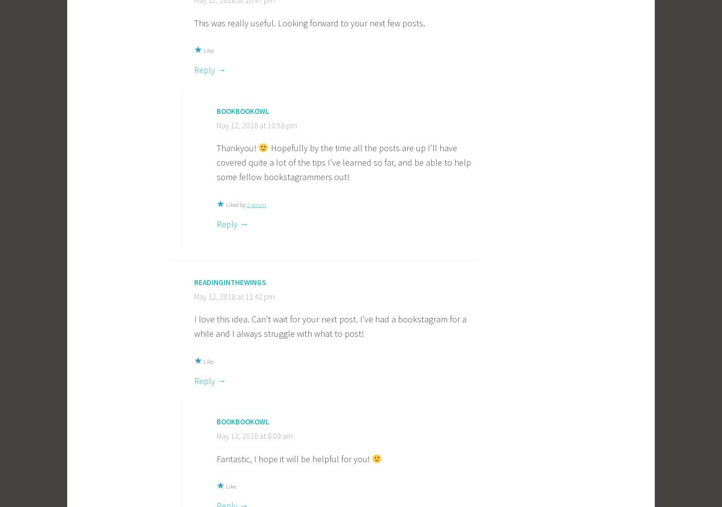 The image size is (722, 507). What do you see at coordinates (234, 295) in the screenshot?
I see `'May 12, 2018 at 11:42 pm'` at bounding box center [234, 295].